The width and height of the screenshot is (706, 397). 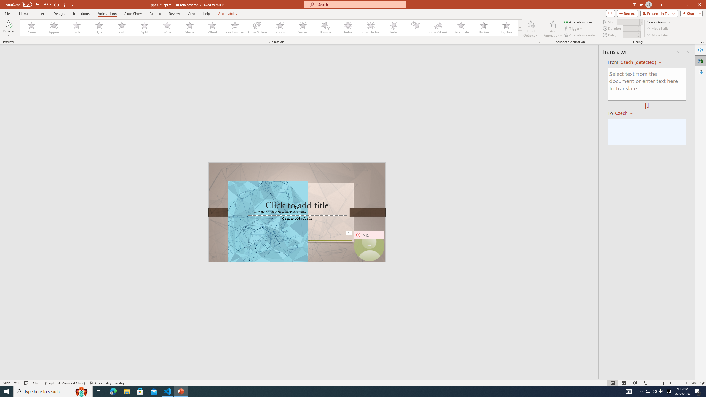 What do you see at coordinates (144, 27) in the screenshot?
I see `'Split'` at bounding box center [144, 27].